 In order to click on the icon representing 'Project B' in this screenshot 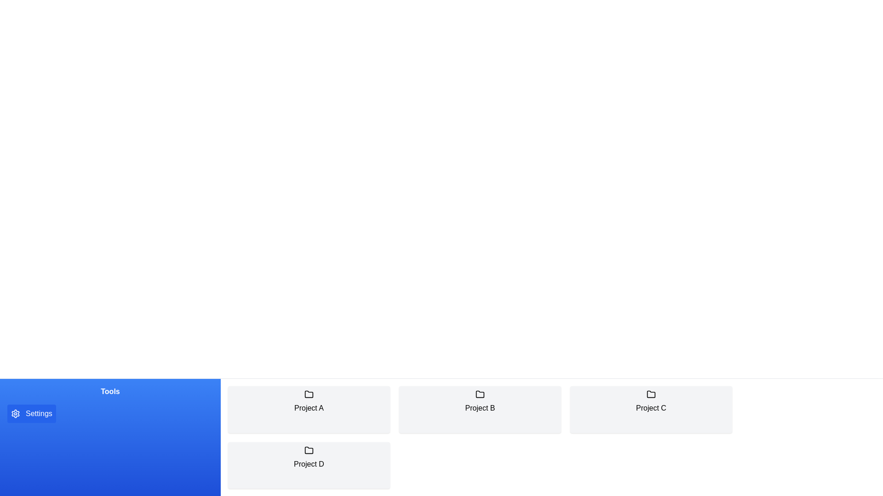, I will do `click(479, 394)`.